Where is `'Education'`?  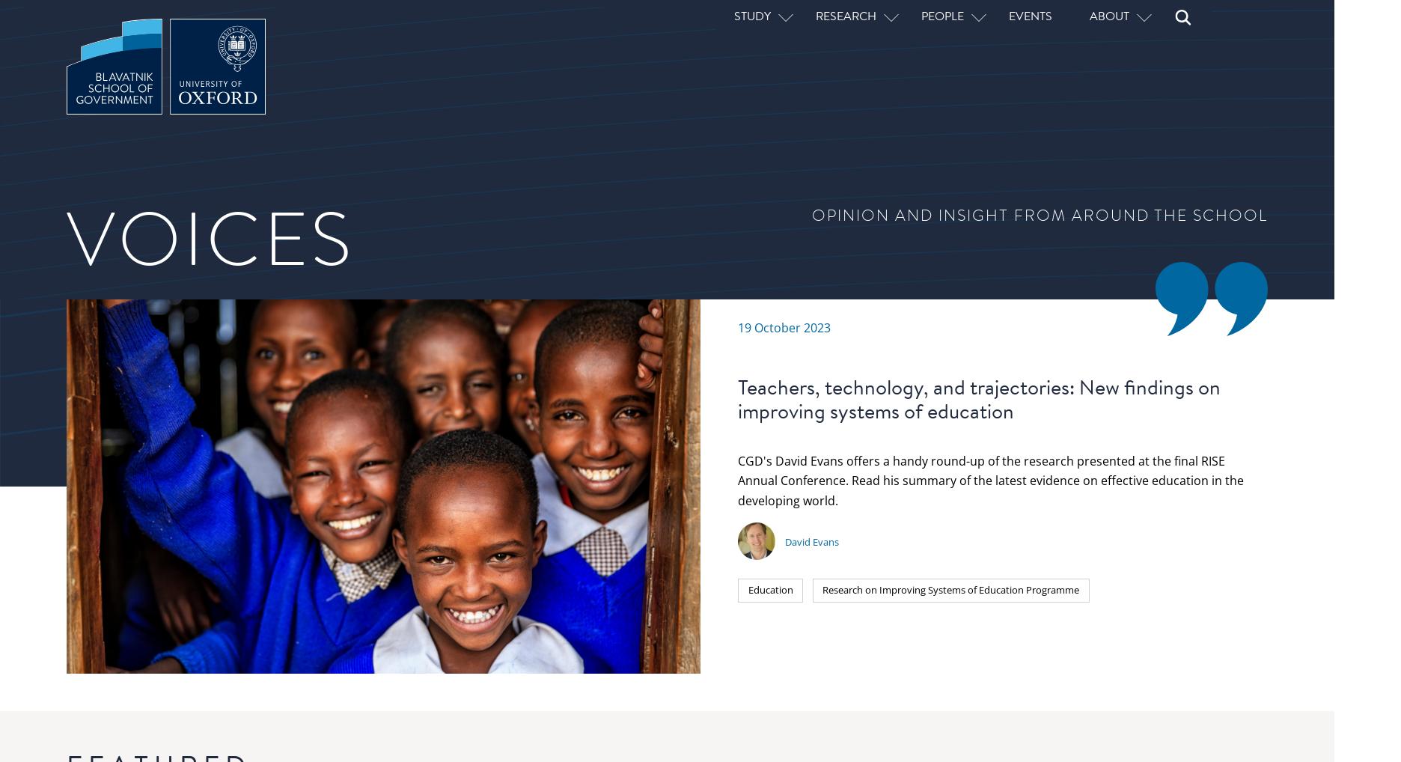
'Education' is located at coordinates (512, 182).